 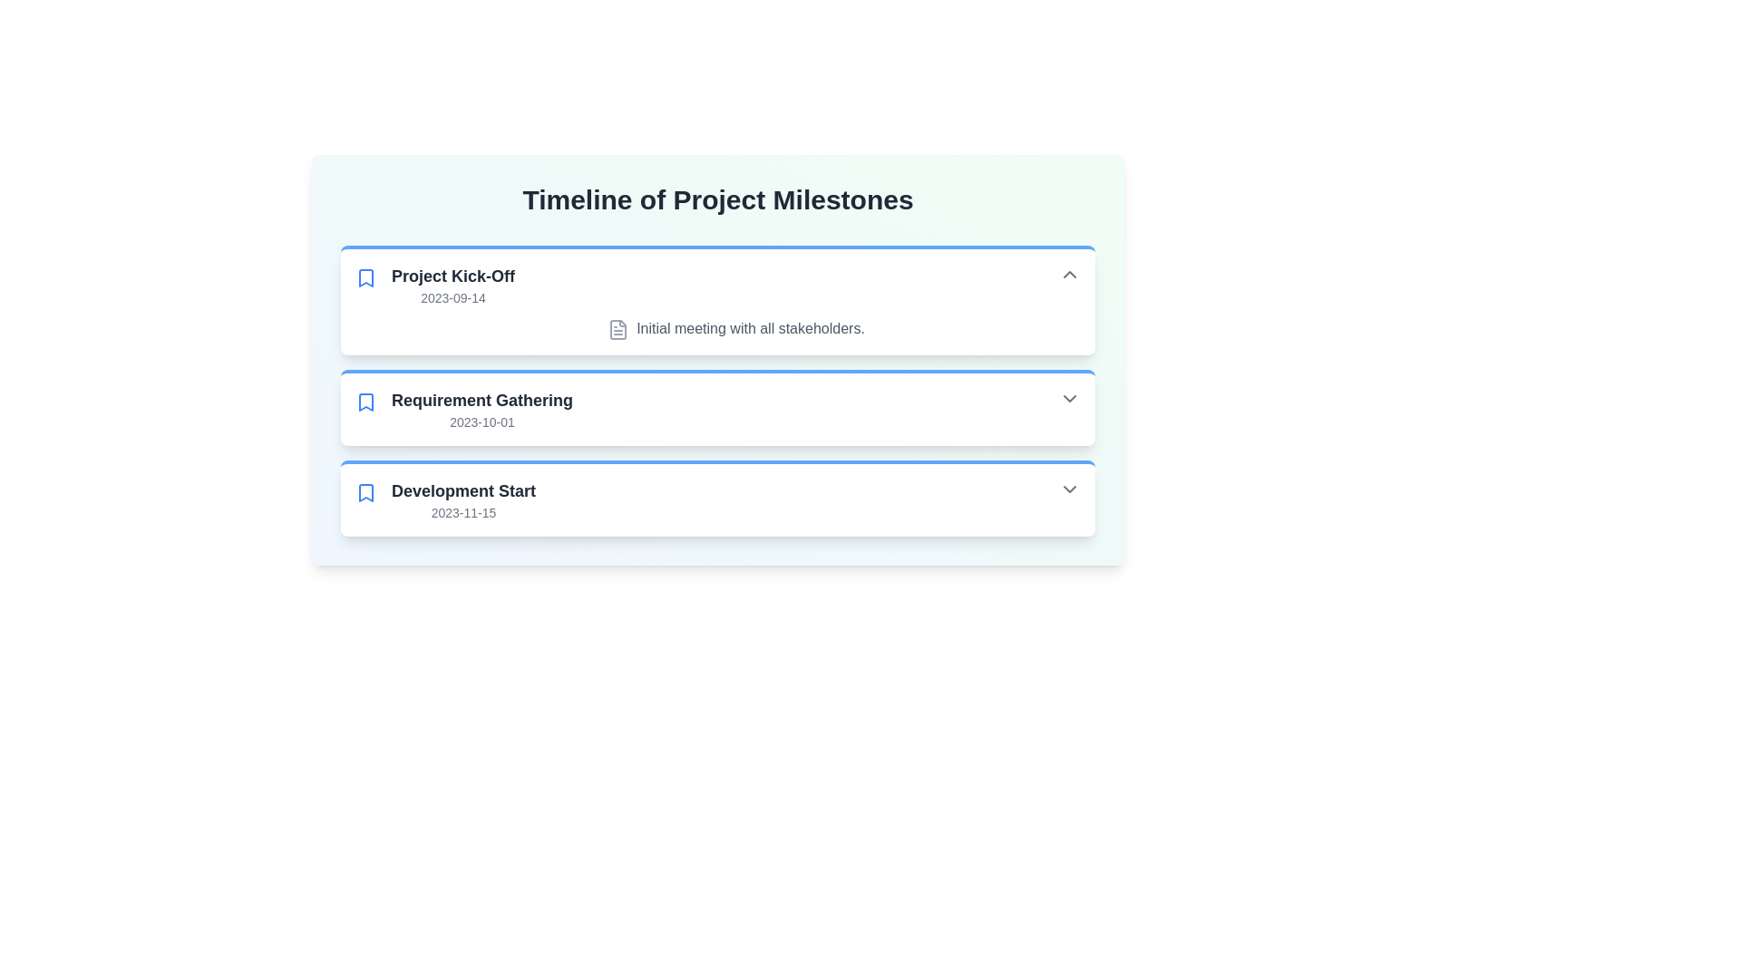 I want to click on the date text label '2023-09-14' that is positioned below the title 'Project Kick-Off' in the milestone list, so click(x=452, y=296).